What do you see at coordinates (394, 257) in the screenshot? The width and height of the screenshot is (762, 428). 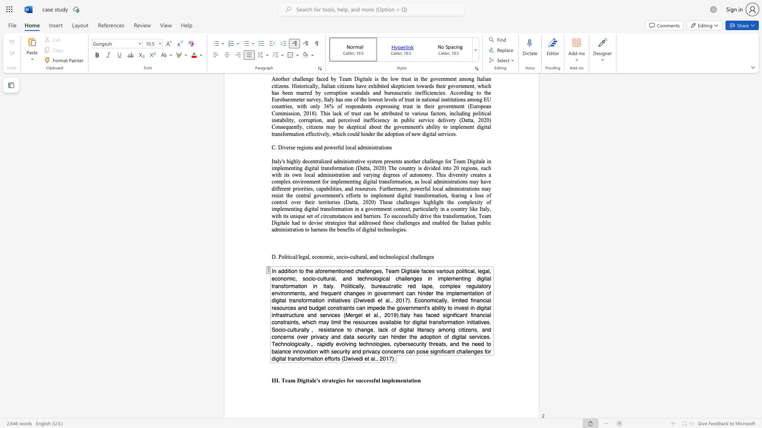 I see `the 7th character "l" in the text` at bounding box center [394, 257].